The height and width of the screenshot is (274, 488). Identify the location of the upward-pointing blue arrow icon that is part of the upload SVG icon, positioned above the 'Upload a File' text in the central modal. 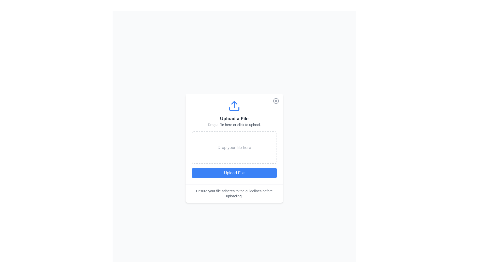
(234, 102).